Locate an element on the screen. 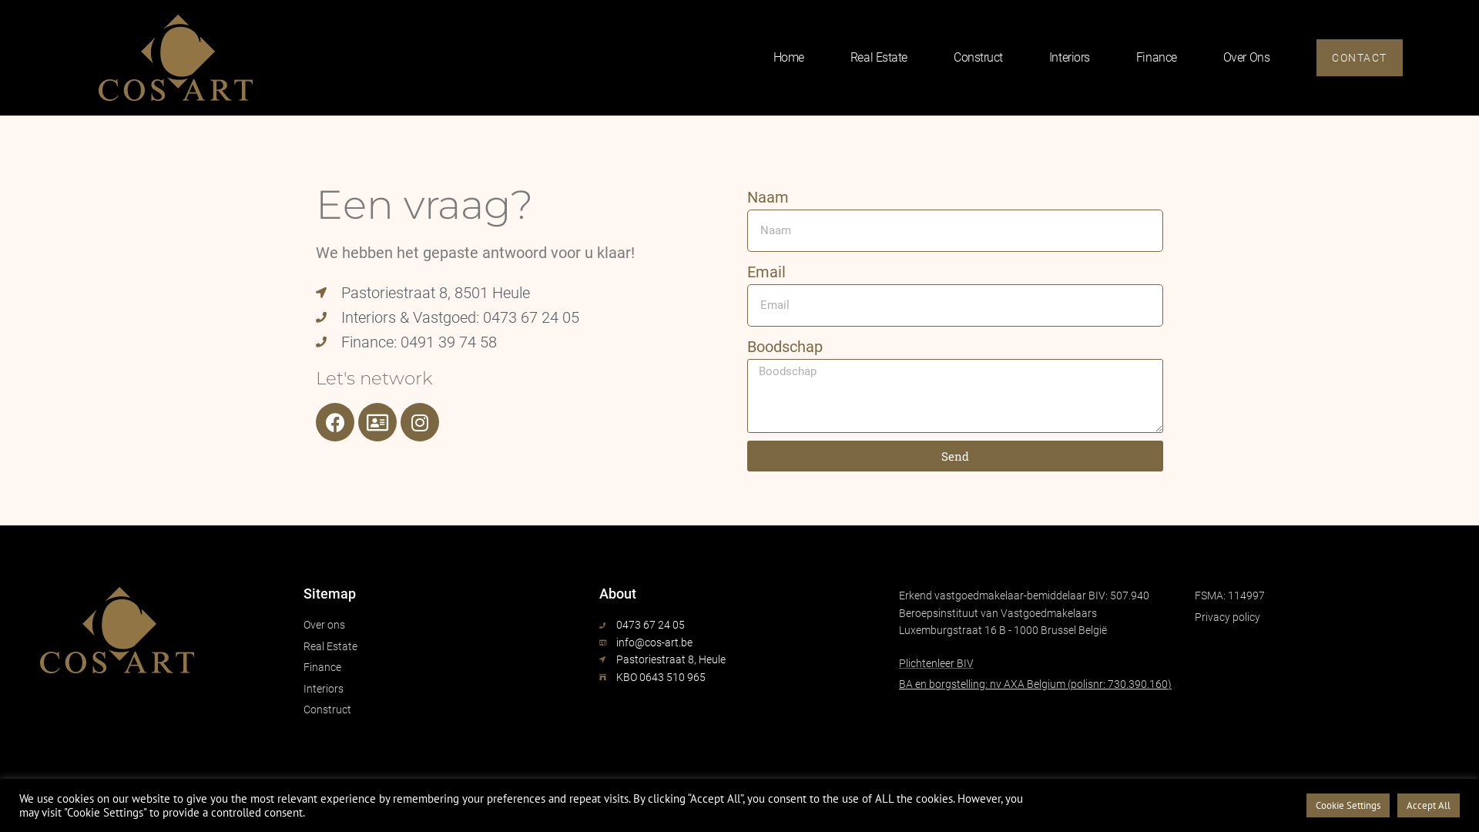 This screenshot has height=832, width=1479. 'Cookie Settings' is located at coordinates (1347, 804).